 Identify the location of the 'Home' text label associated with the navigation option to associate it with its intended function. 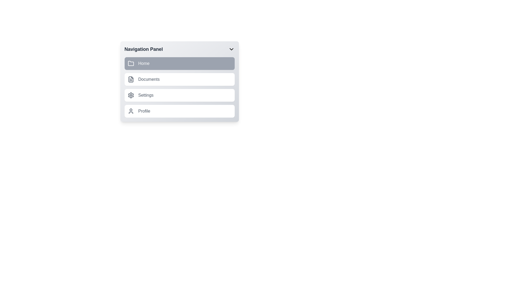
(144, 63).